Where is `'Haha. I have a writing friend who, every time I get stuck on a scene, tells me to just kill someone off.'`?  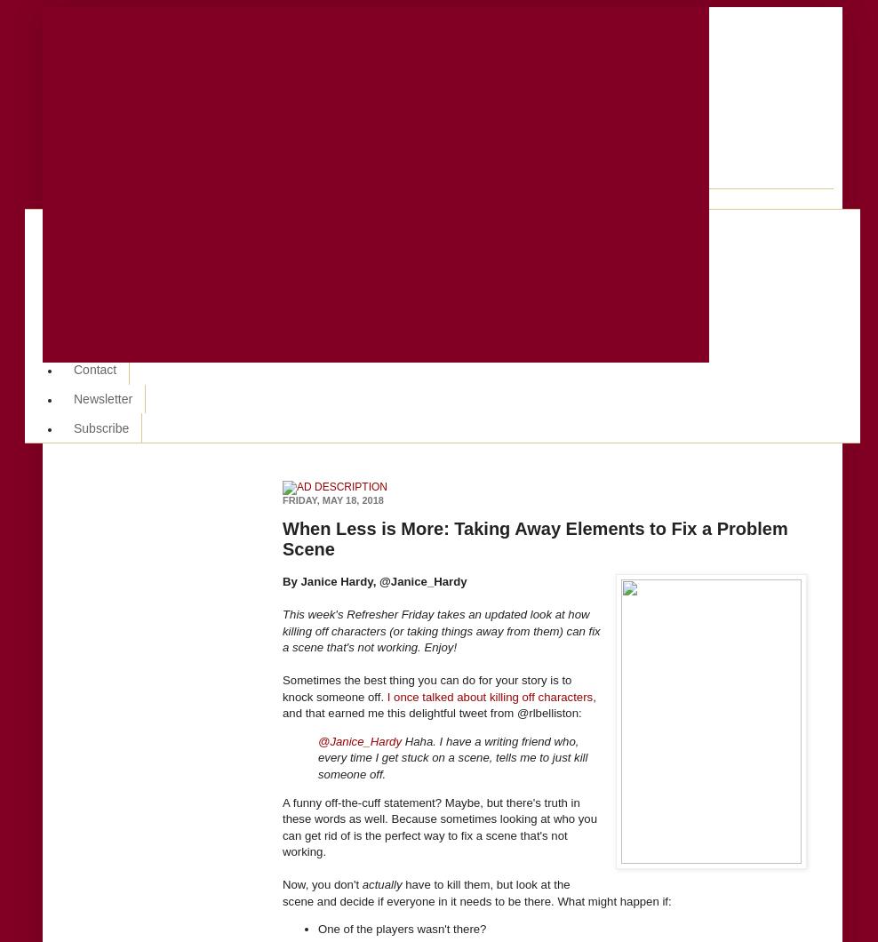 'Haha. I have a writing friend who, every time I get stuck on a scene, tells me to just kill someone off.' is located at coordinates (451, 757).